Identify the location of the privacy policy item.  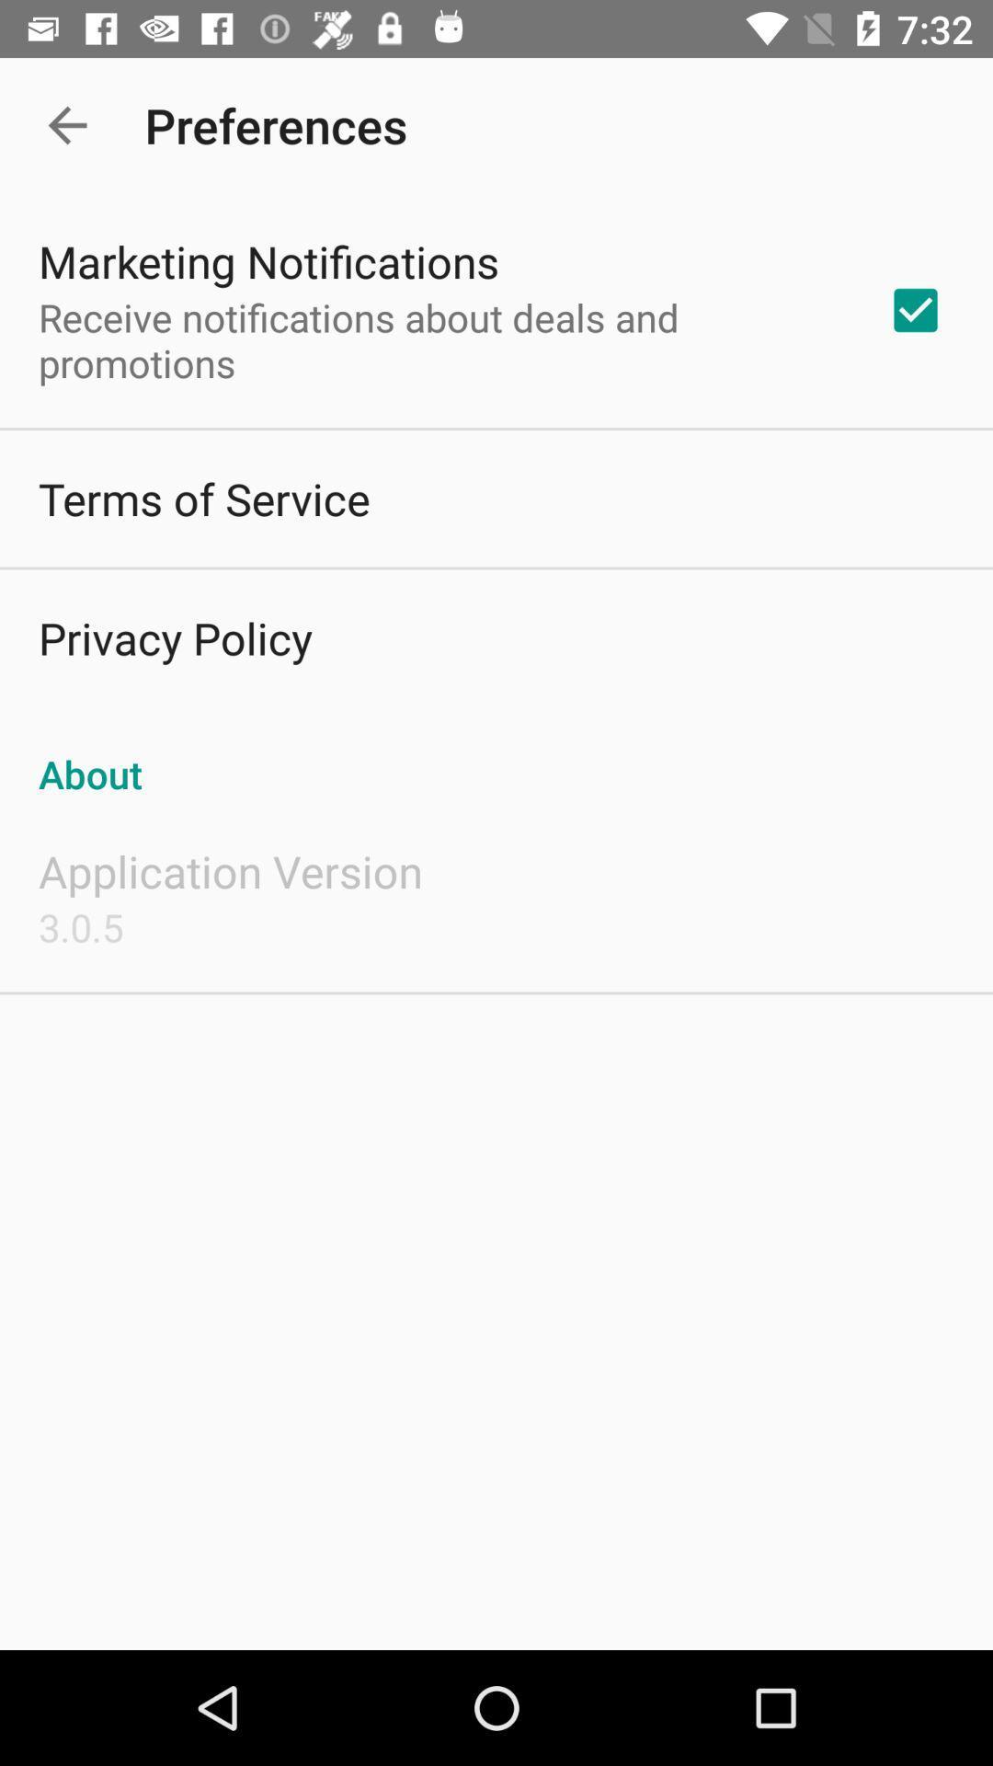
(175, 637).